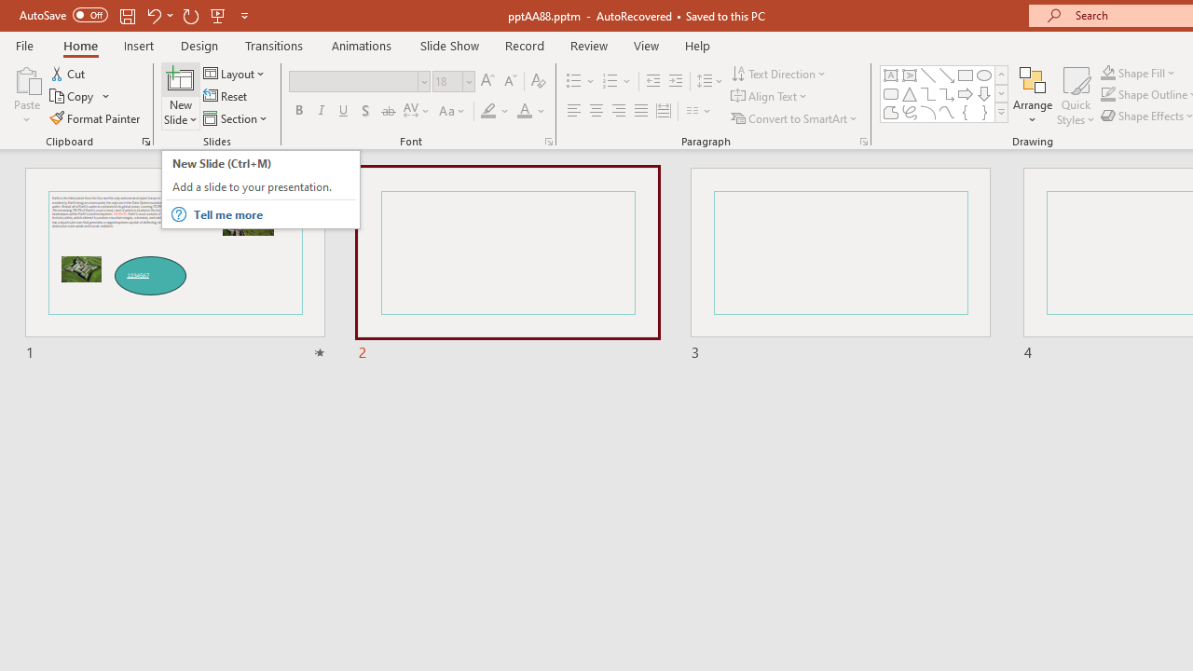  Describe the element at coordinates (698, 111) in the screenshot. I see `'Columns'` at that location.